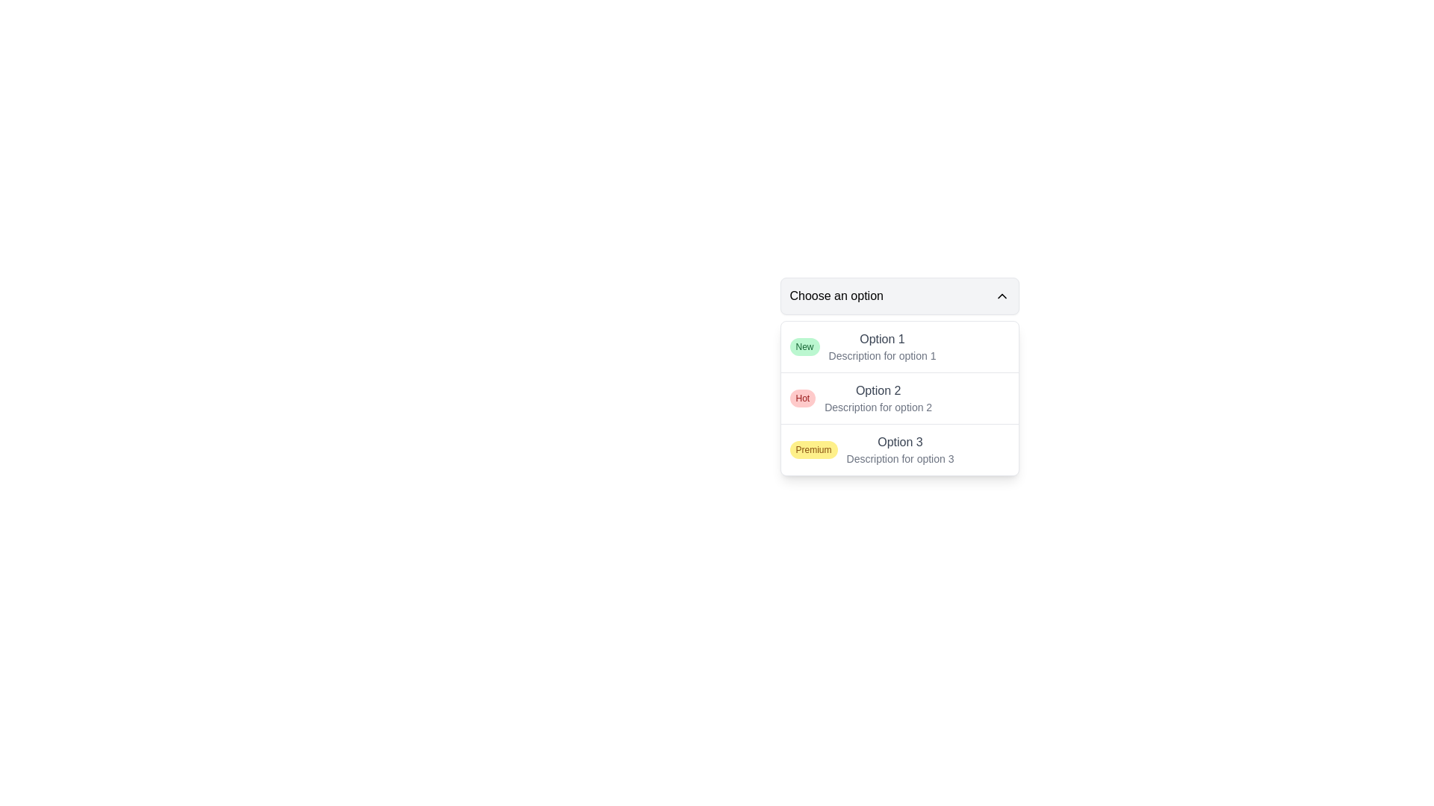 The image size is (1434, 806). I want to click on the text label reading 'Option 2' in the dropdown menu, which is styled with a medium font weight and gray color, positioned above a description text, so click(878, 390).